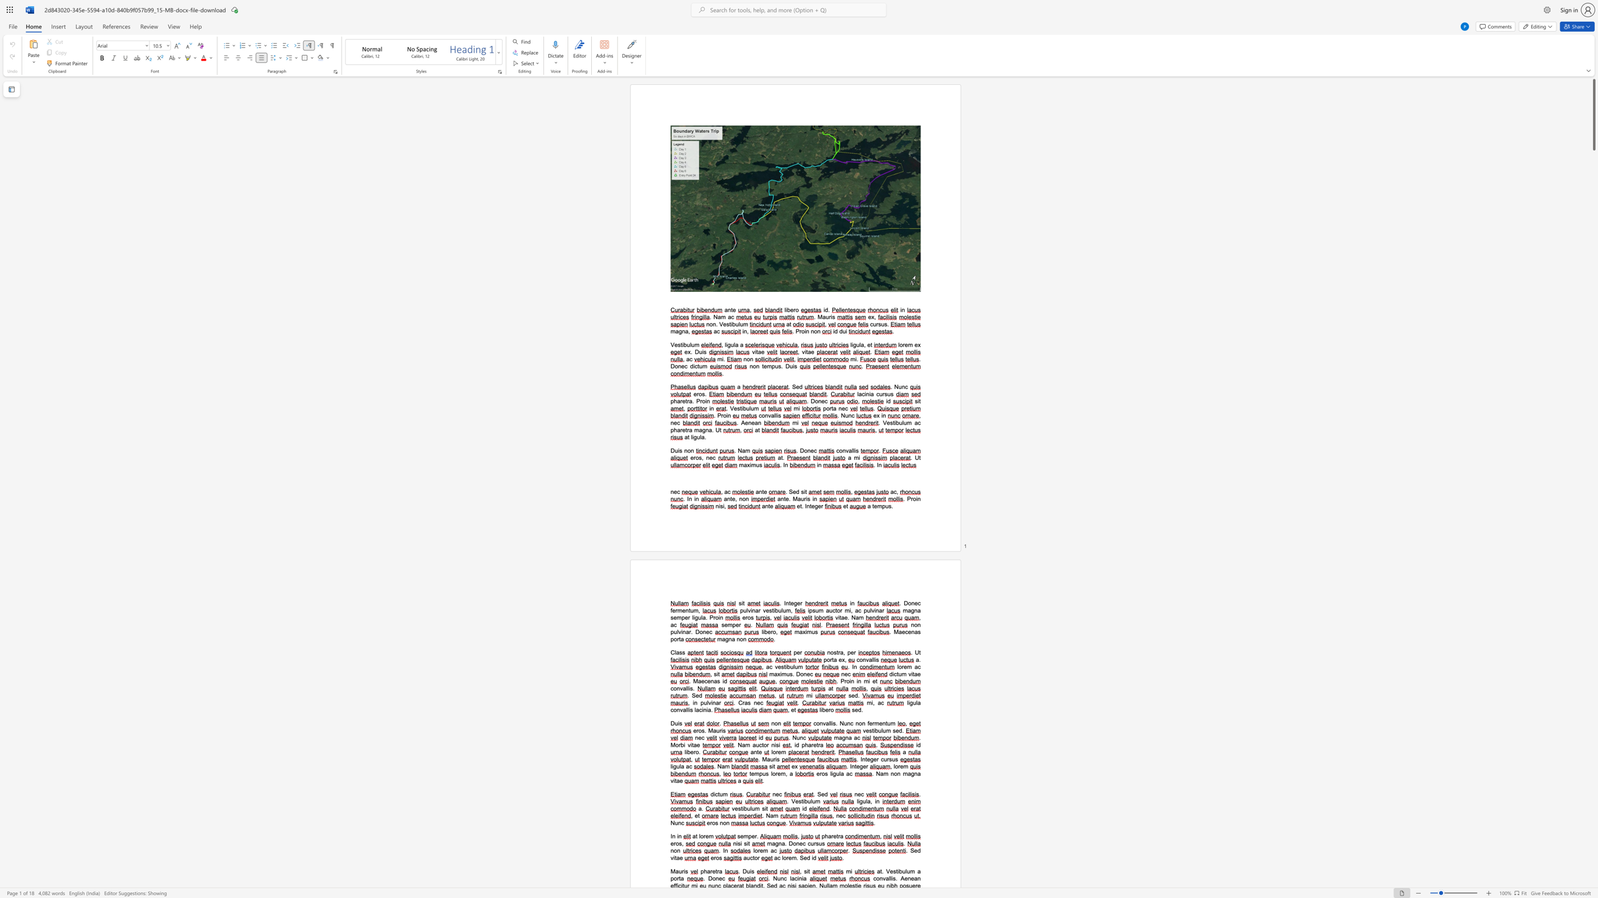 The height and width of the screenshot is (898, 1598). What do you see at coordinates (790, 602) in the screenshot?
I see `the space between the continuous character "t" and "e" in the text` at bounding box center [790, 602].